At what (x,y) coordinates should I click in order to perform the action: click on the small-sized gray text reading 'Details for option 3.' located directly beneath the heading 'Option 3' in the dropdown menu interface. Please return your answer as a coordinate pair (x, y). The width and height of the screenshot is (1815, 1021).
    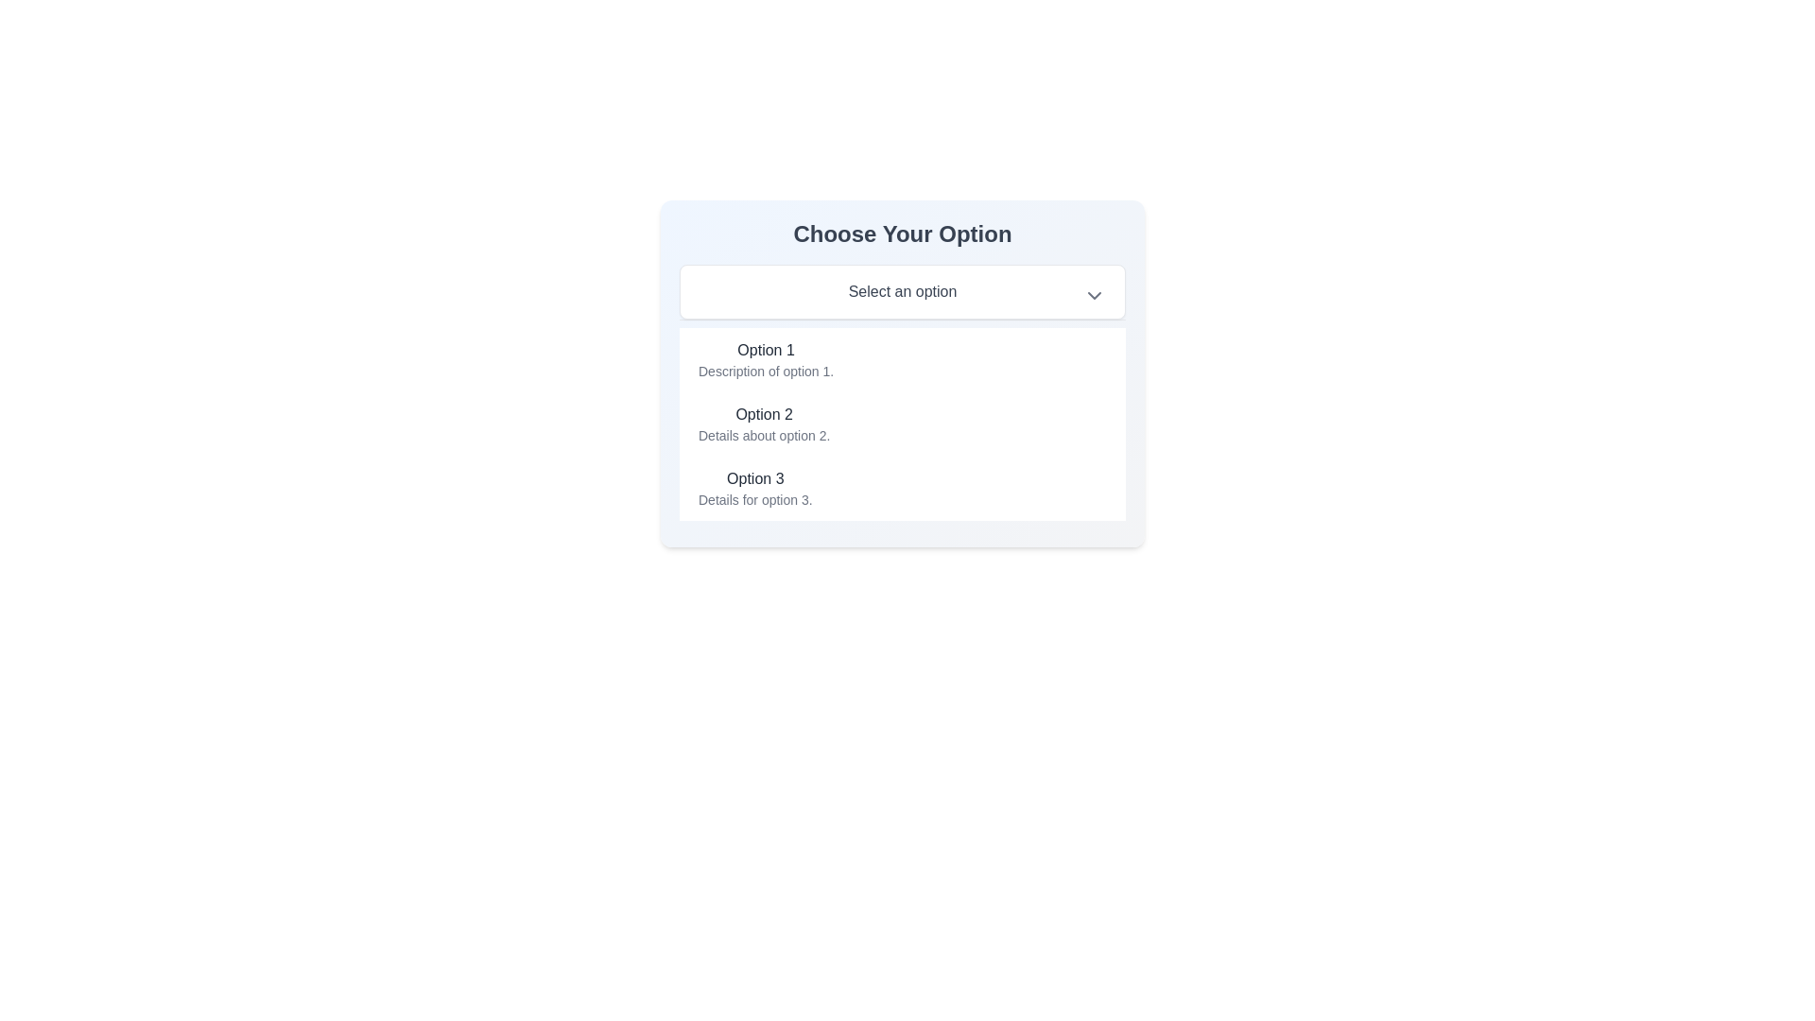
    Looking at the image, I should click on (754, 498).